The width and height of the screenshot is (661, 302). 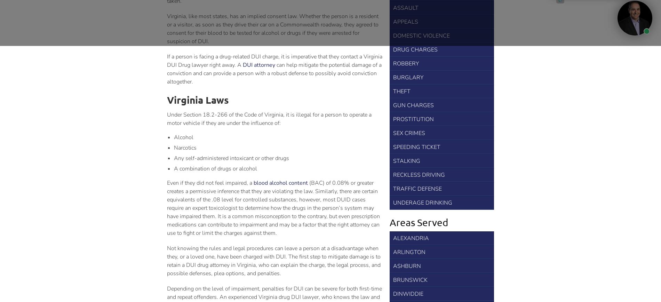 I want to click on 'Sex Crimes', so click(x=393, y=133).